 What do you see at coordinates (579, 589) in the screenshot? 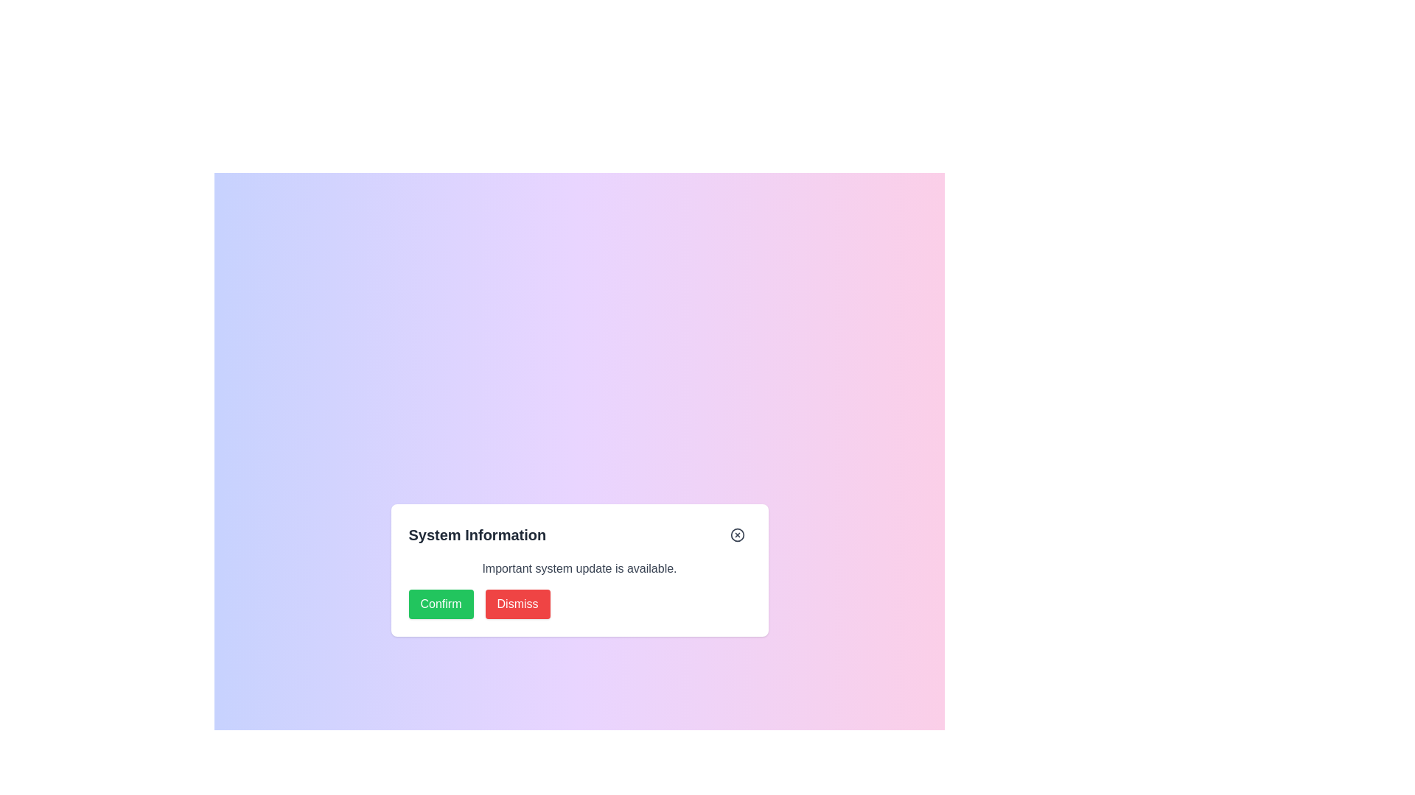
I see `the 'Dismiss' button on the Notification within the 'System Information' modal` at bounding box center [579, 589].